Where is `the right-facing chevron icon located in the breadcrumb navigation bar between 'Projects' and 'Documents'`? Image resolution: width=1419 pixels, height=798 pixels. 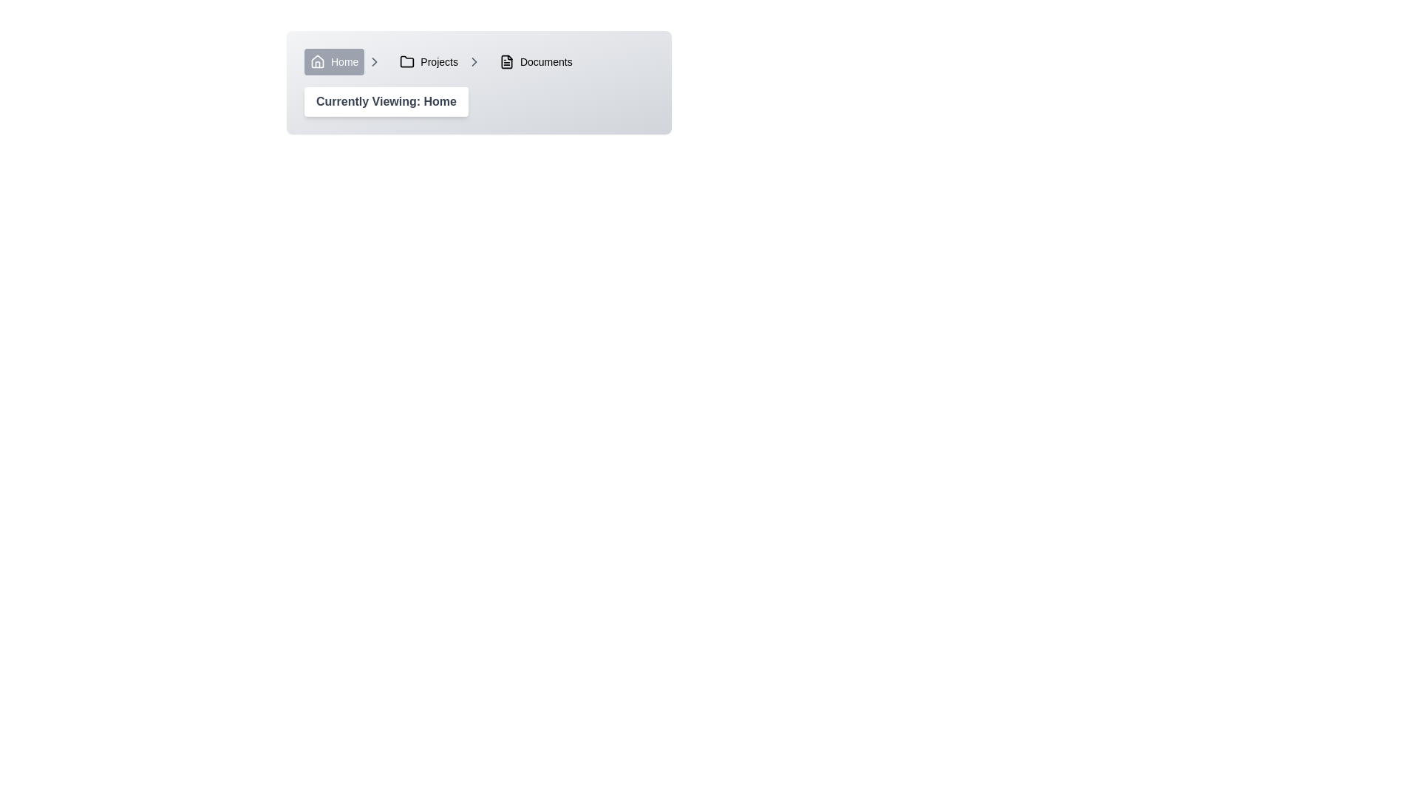
the right-facing chevron icon located in the breadcrumb navigation bar between 'Projects' and 'Documents' is located at coordinates (375, 61).